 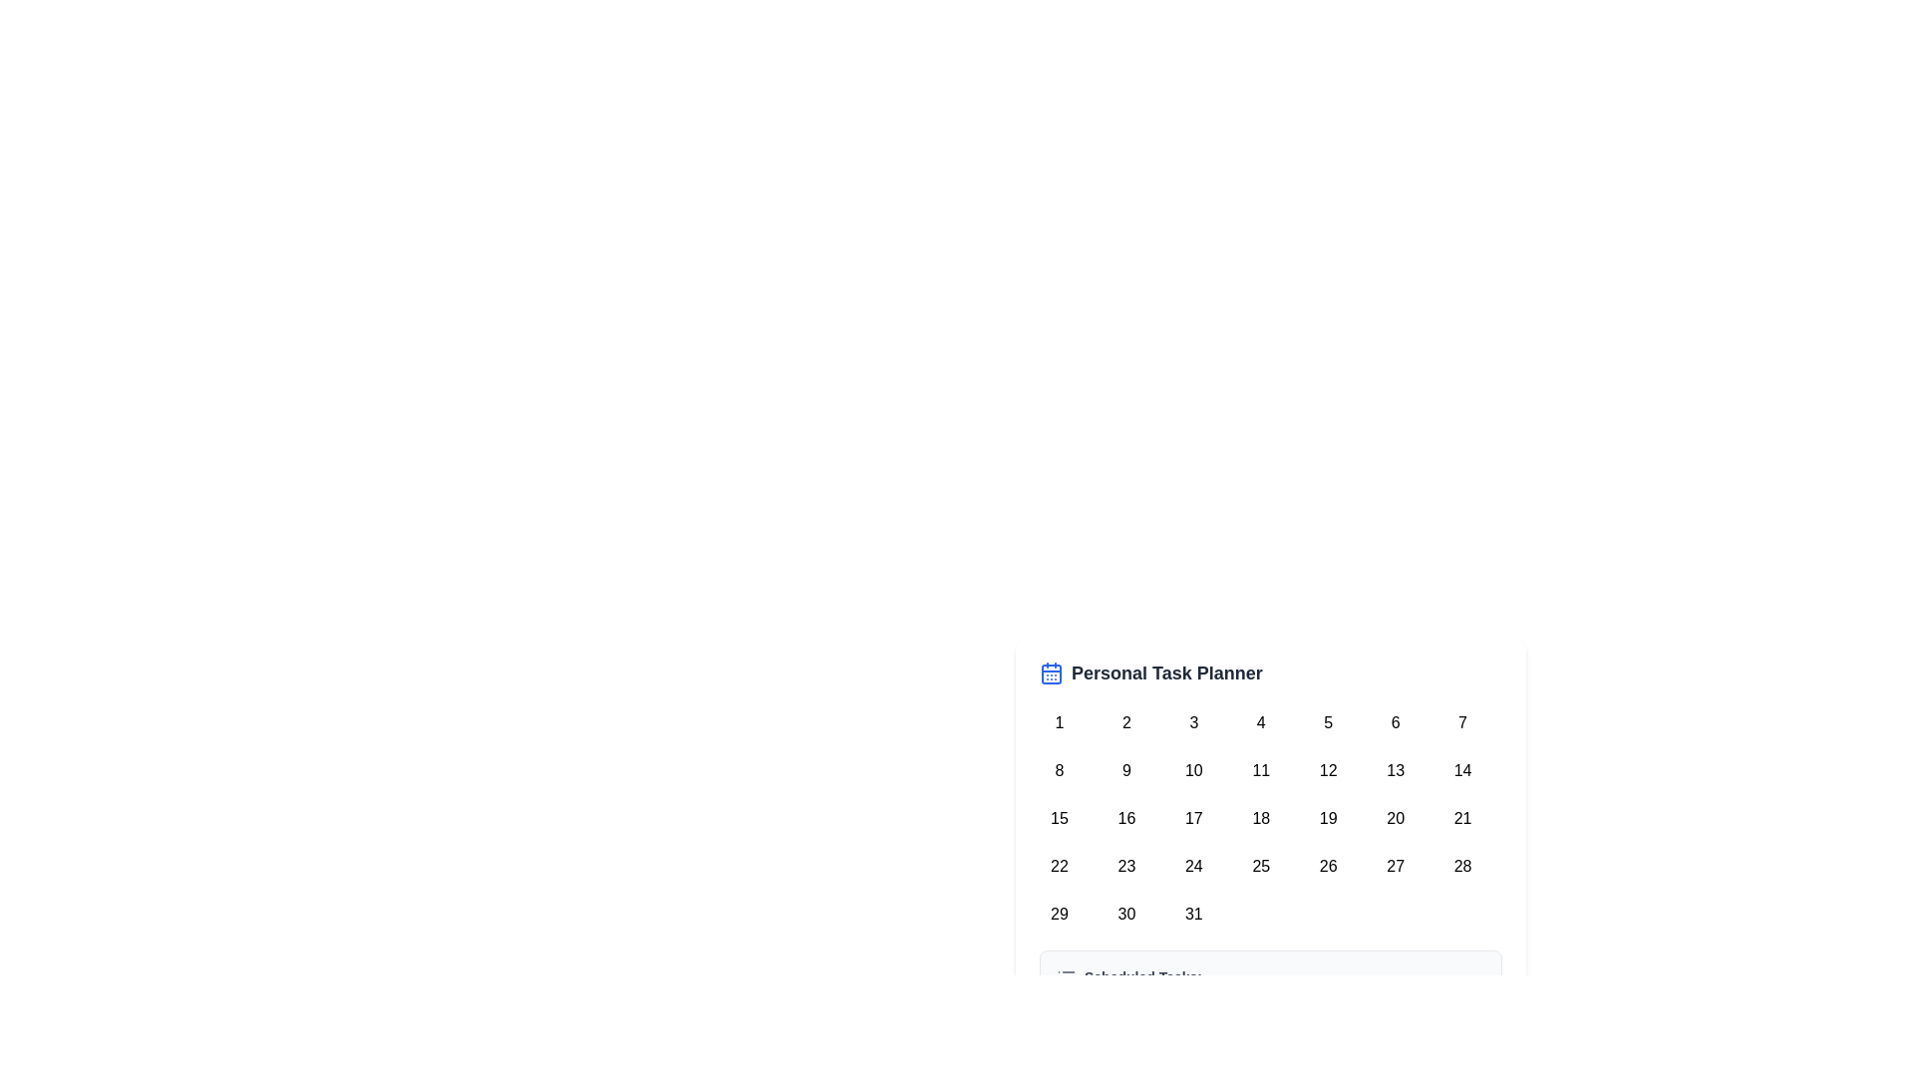 I want to click on the blue calendar icon located to the left of the 'Personal Task Planner' text at the top of the calendar display, so click(x=1051, y=672).